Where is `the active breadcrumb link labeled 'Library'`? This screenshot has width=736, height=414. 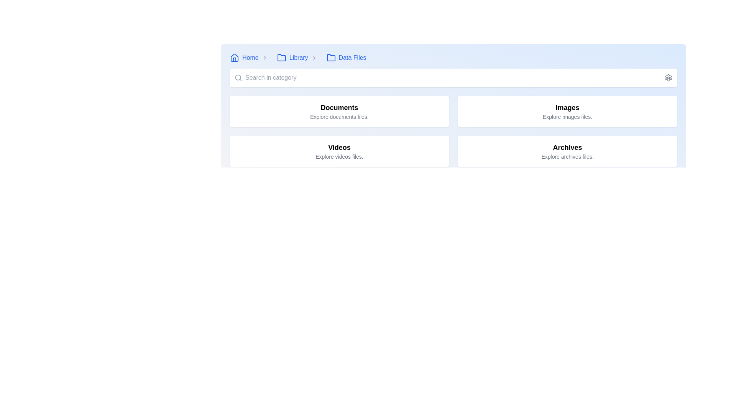
the active breadcrumb link labeled 'Library' is located at coordinates (298, 57).